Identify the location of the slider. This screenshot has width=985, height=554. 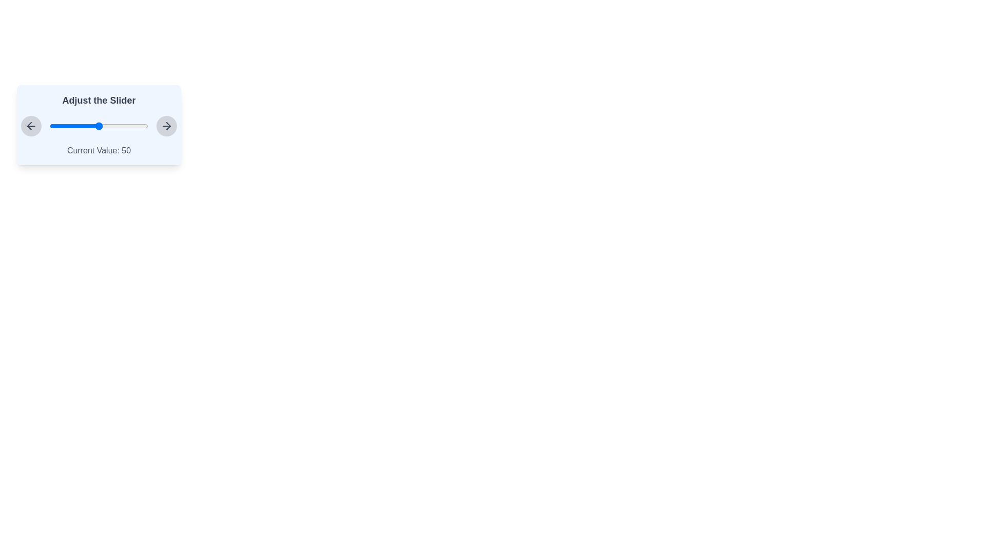
(71, 126).